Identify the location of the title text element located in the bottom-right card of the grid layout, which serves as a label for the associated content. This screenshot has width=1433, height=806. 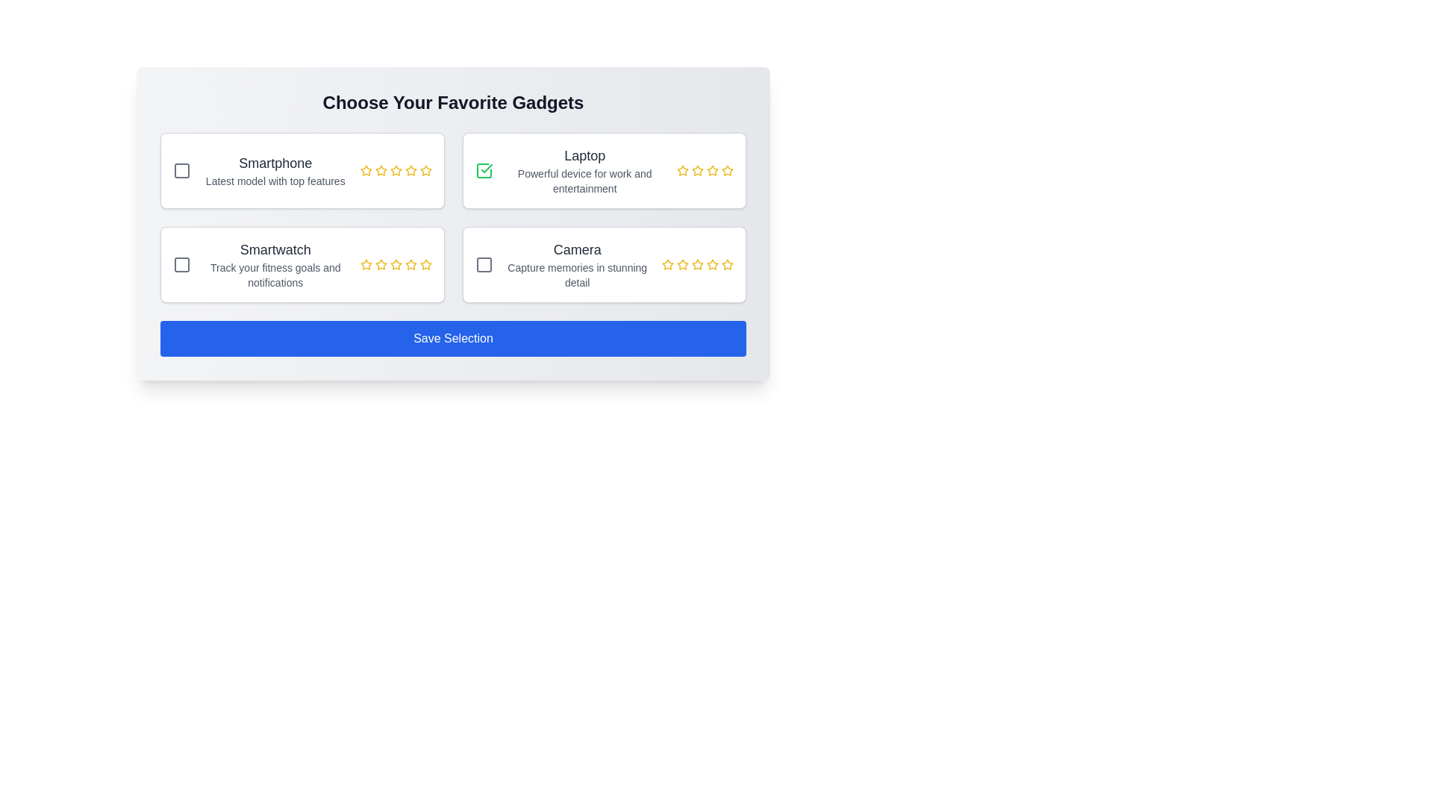
(576, 249).